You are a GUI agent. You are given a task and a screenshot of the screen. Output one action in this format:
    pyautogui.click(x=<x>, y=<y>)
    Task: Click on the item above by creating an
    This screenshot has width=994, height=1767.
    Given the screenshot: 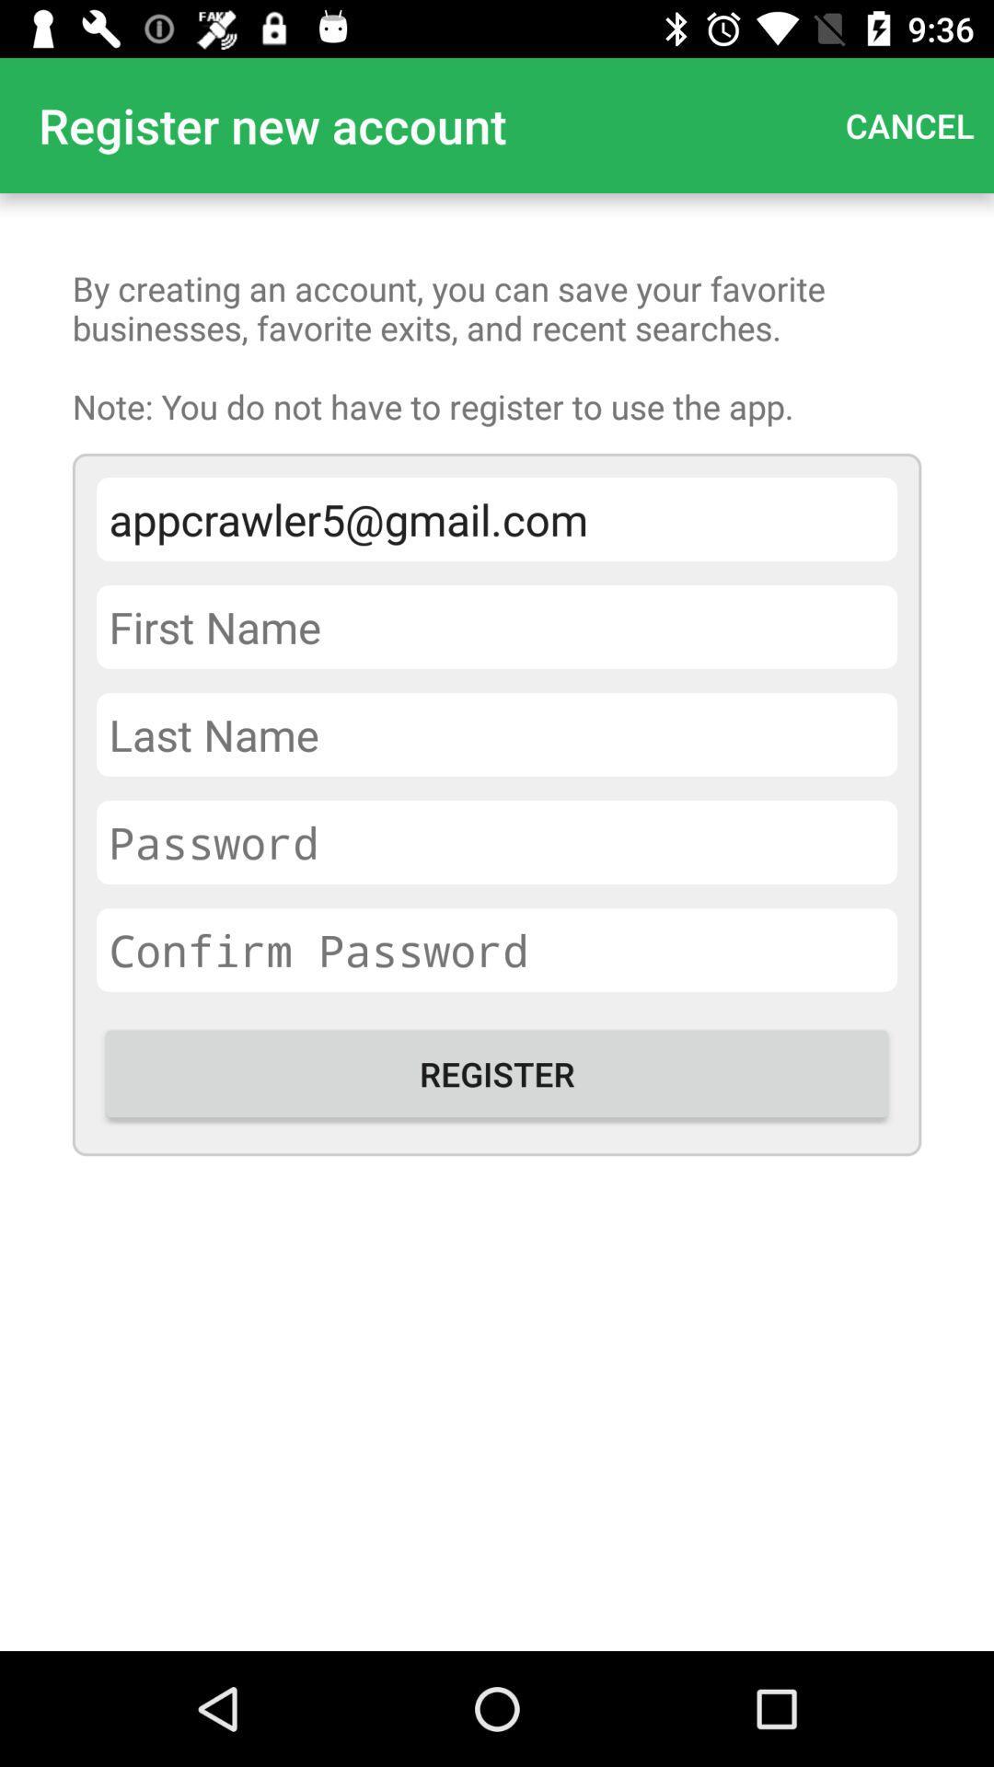 What is the action you would take?
    pyautogui.click(x=908, y=124)
    